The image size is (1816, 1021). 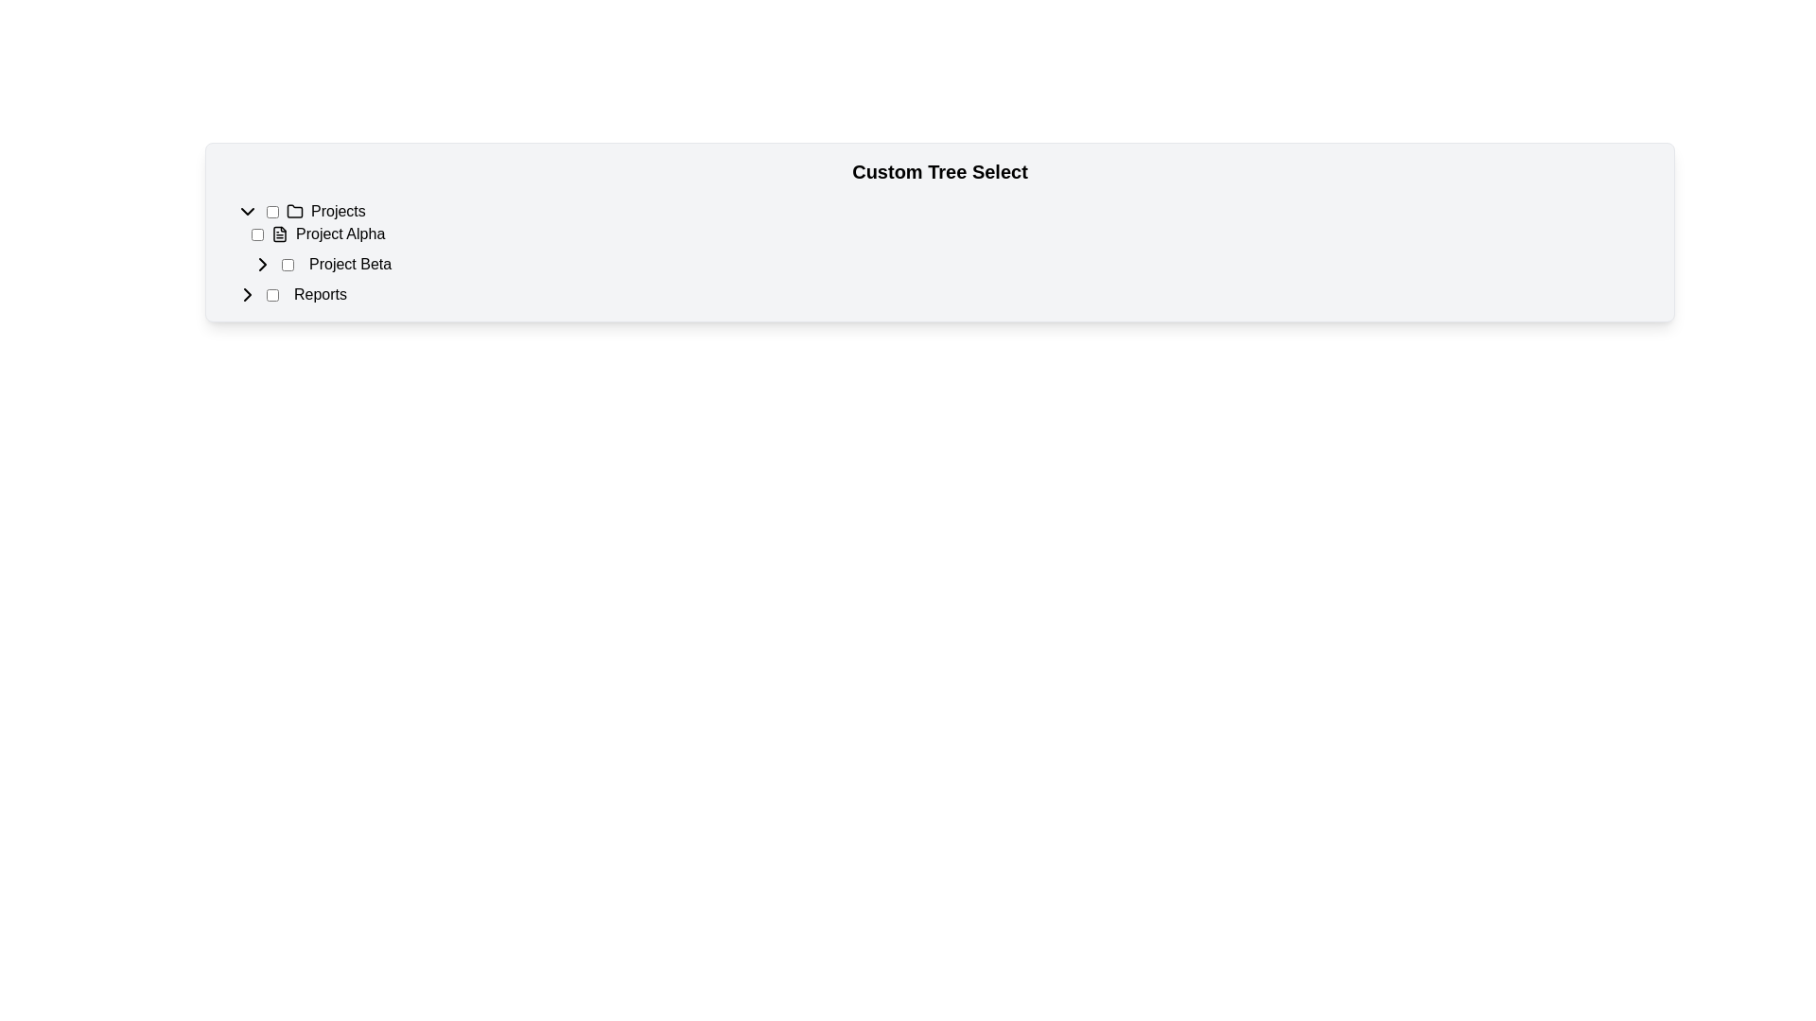 What do you see at coordinates (316, 211) in the screenshot?
I see `the 'Projects' text label in the navigation menu` at bounding box center [316, 211].